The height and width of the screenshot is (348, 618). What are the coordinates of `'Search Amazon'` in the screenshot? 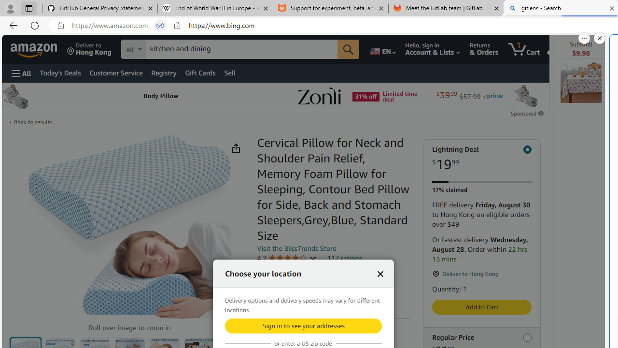 It's located at (242, 49).